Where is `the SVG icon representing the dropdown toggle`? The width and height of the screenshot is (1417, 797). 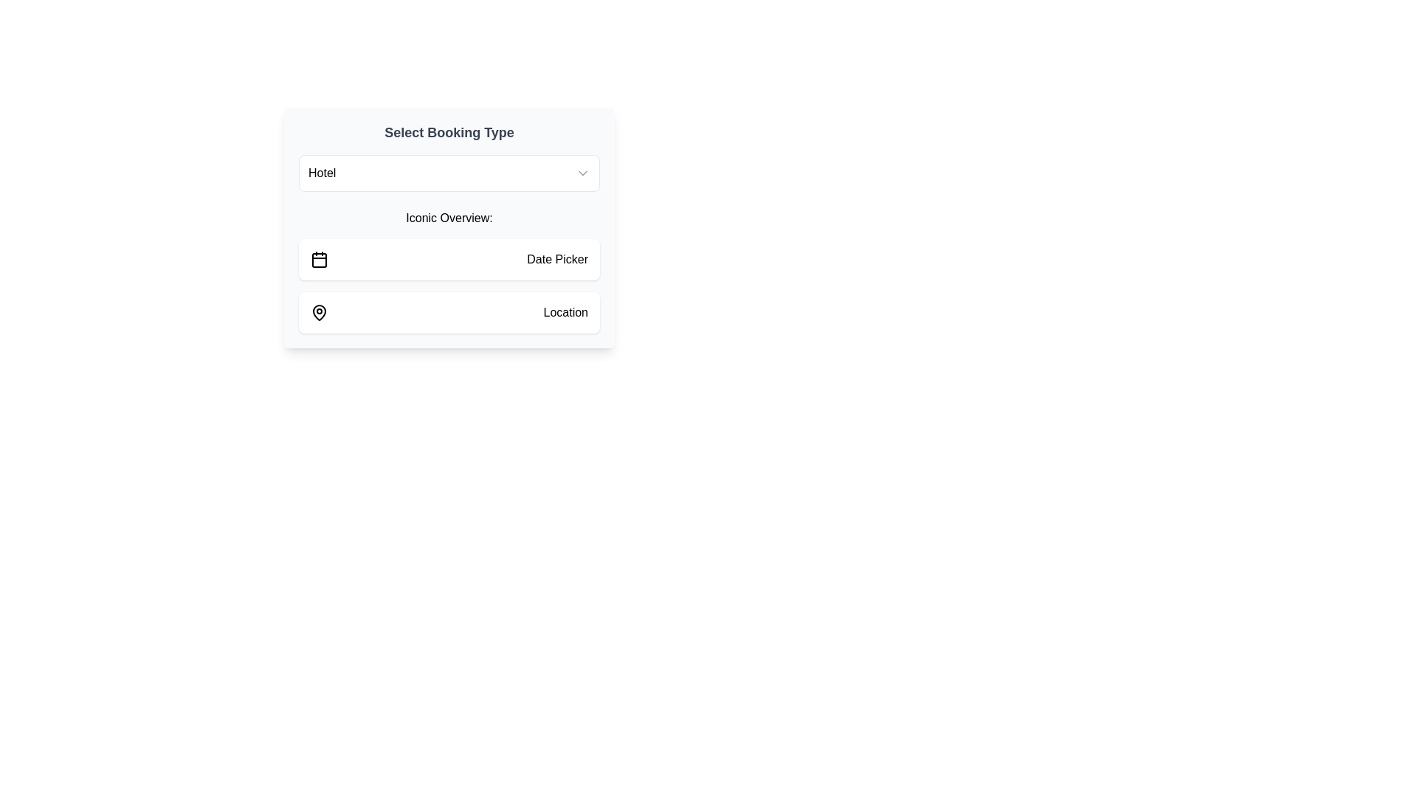 the SVG icon representing the dropdown toggle is located at coordinates (582, 173).